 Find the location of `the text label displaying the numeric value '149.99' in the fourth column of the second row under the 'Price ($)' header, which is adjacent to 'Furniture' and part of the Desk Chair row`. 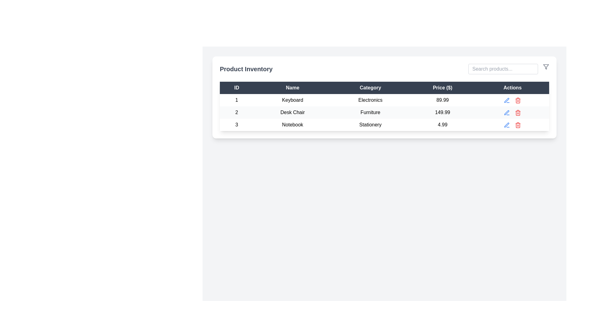

the text label displaying the numeric value '149.99' in the fourth column of the second row under the 'Price ($)' header, which is adjacent to 'Furniture' and part of the Desk Chair row is located at coordinates (442, 113).